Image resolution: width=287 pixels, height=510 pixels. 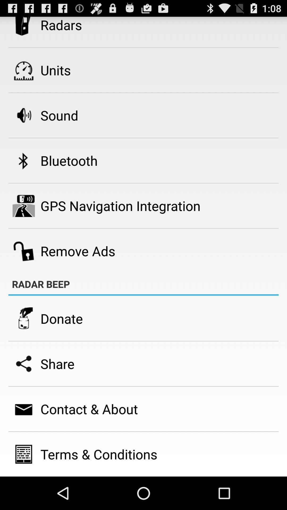 What do you see at coordinates (99, 454) in the screenshot?
I see `the item below contact & about app` at bounding box center [99, 454].